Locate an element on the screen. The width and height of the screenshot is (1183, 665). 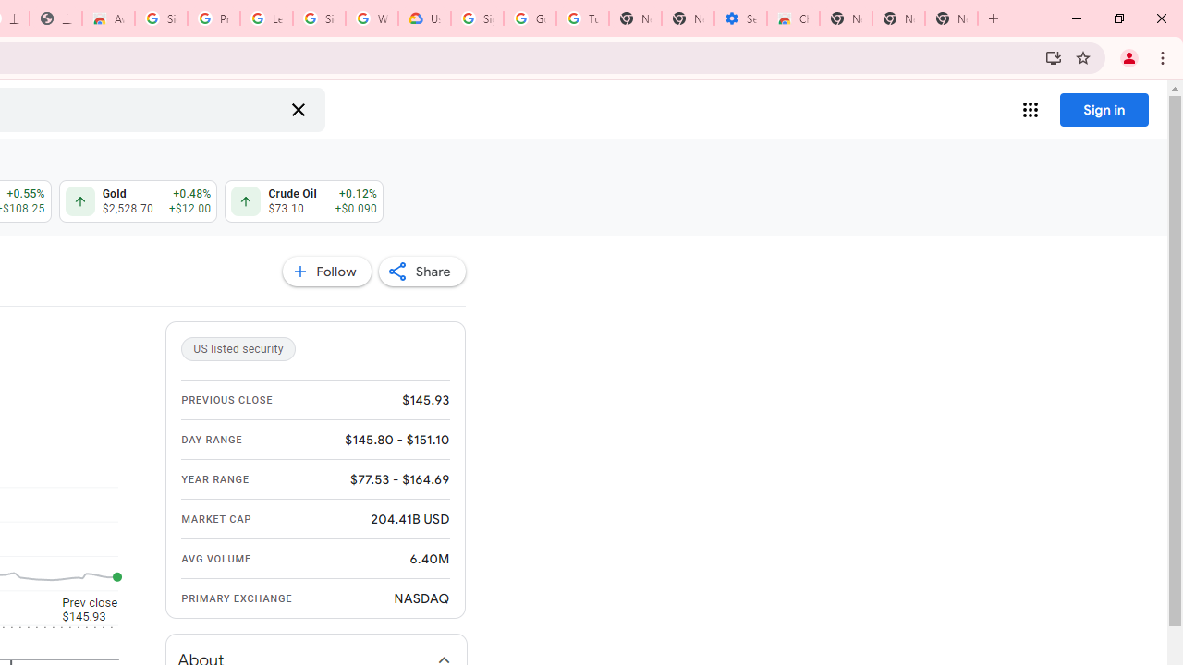
'Share' is located at coordinates (421, 272).